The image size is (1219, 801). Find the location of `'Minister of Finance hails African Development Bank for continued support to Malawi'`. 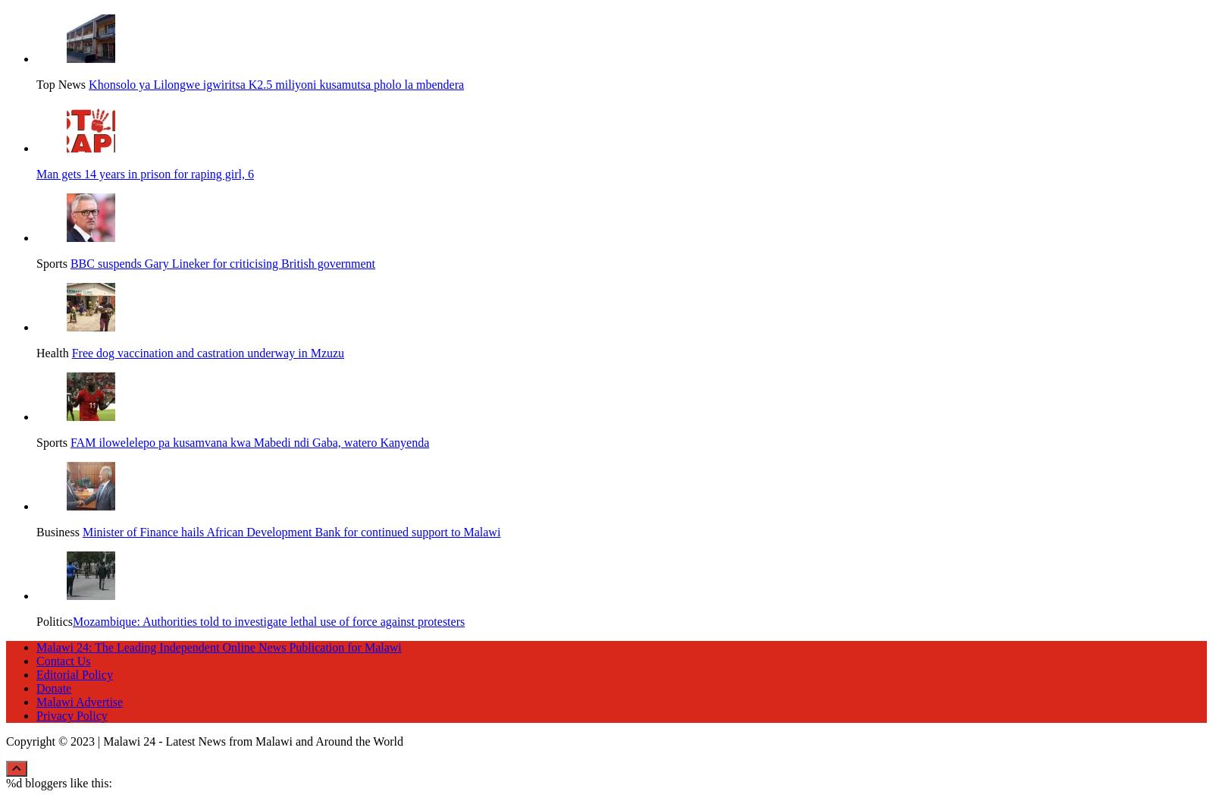

'Minister of Finance hails African Development Bank for continued support to Malawi' is located at coordinates (290, 529).